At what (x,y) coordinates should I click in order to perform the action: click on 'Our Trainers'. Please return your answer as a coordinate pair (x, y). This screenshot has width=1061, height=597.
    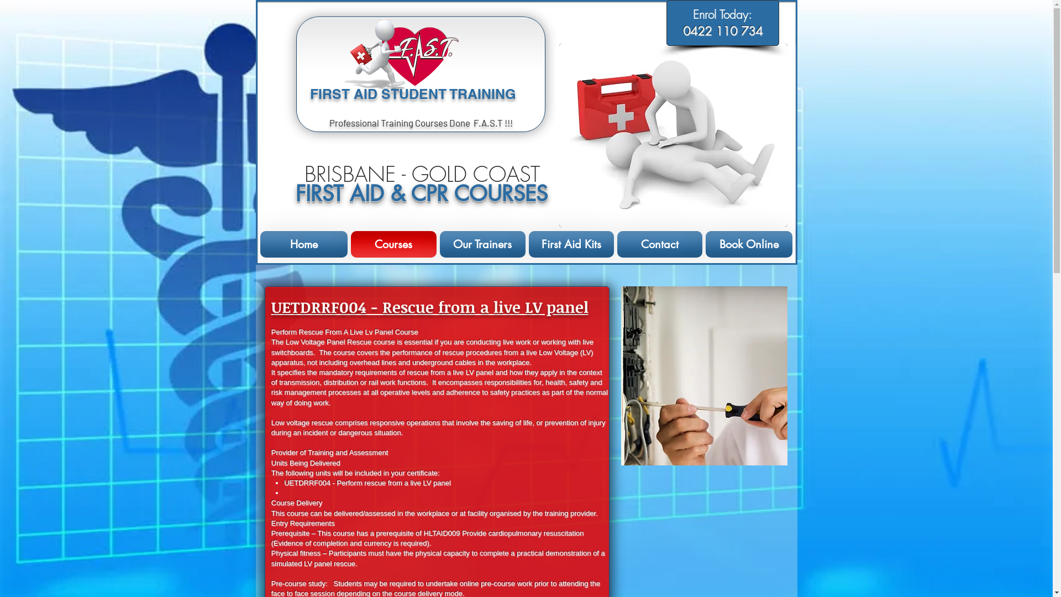
    Looking at the image, I should click on (482, 244).